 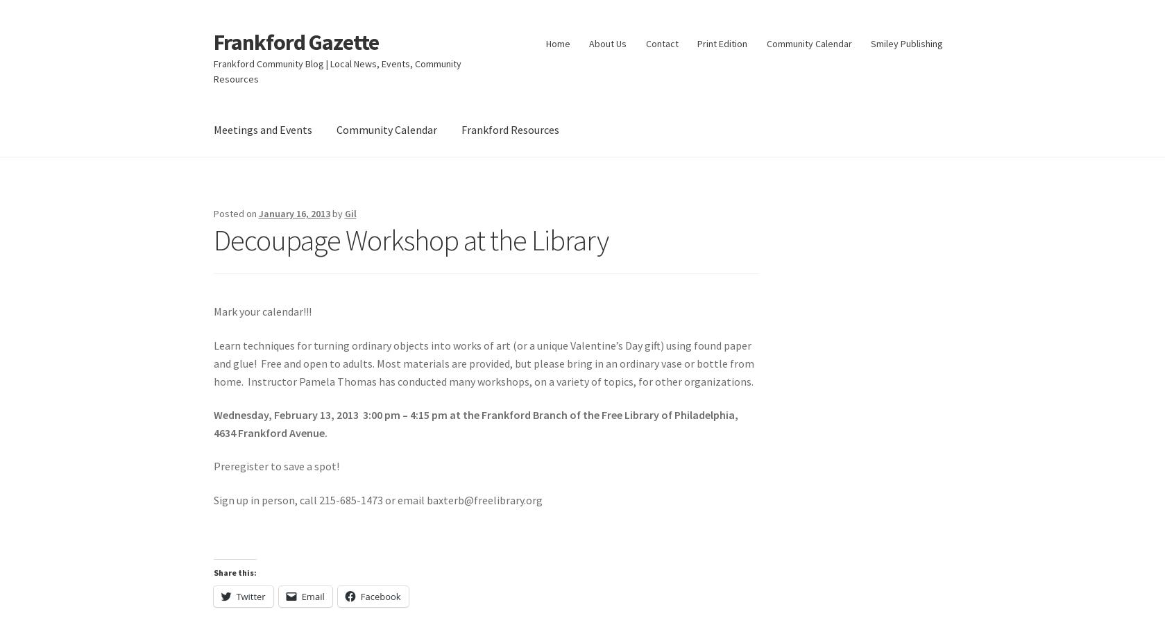 I want to click on 'Community Calendar', so click(x=386, y=128).